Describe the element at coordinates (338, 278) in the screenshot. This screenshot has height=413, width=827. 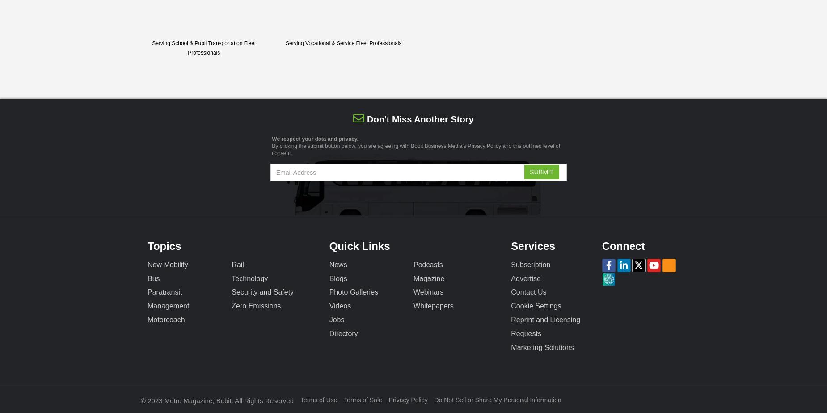
I see `'Blogs'` at that location.